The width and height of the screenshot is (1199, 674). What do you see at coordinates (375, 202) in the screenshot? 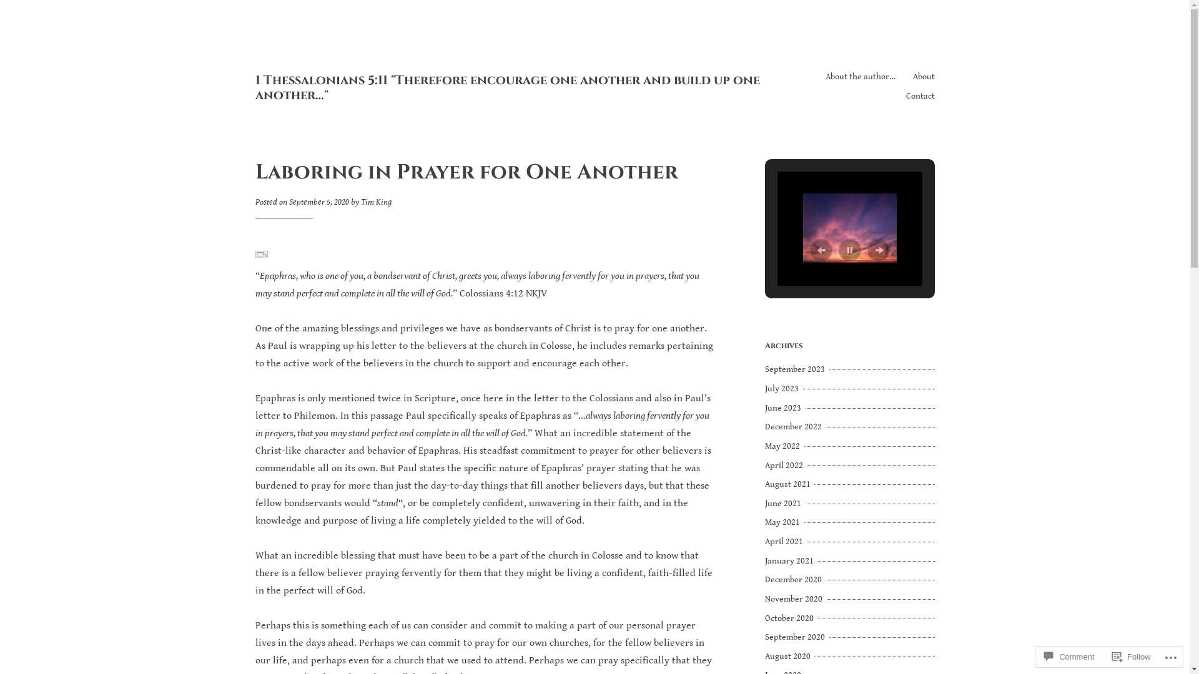
I see `'Tim King'` at bounding box center [375, 202].